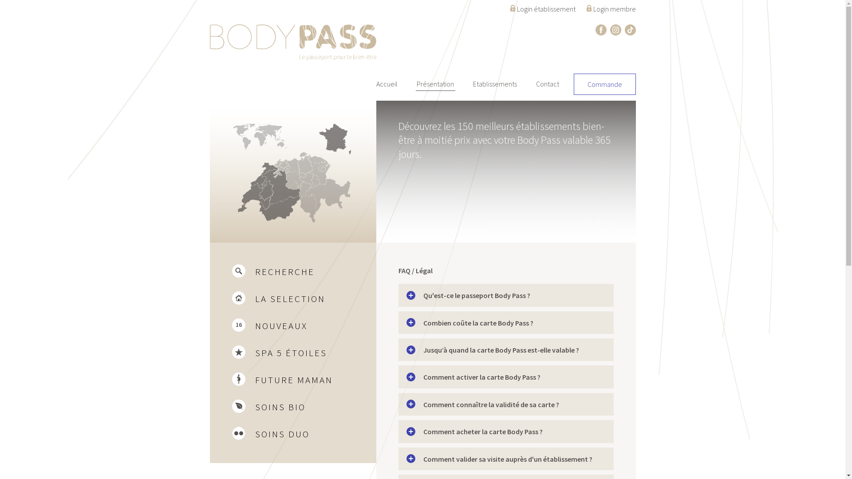 This screenshot has width=852, height=479. I want to click on 'Open', so click(406, 322).